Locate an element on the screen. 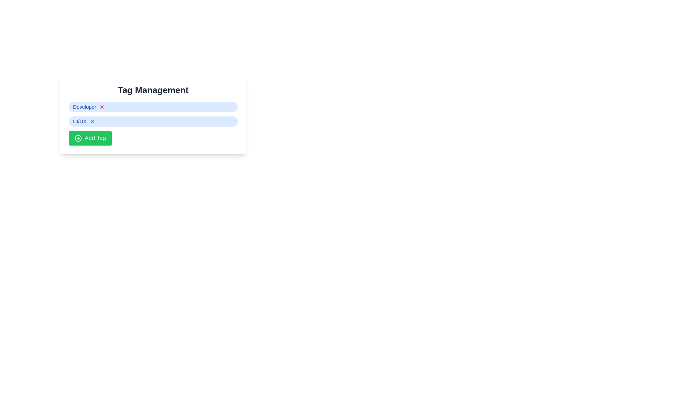  text of the large, bold header titled 'Tag Management' located at the top-center of the panel is located at coordinates (153, 90).